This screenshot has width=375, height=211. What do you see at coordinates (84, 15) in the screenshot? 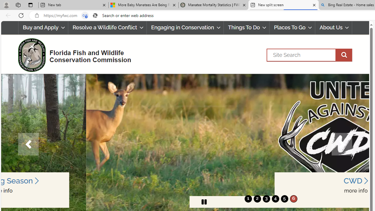
I see `'Tabs in split screen'` at bounding box center [84, 15].